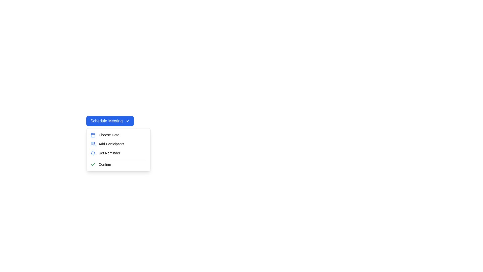  Describe the element at coordinates (109, 153) in the screenshot. I see `the 'Set Reminder' label in the dropdown menu for scheduling a meeting` at that location.